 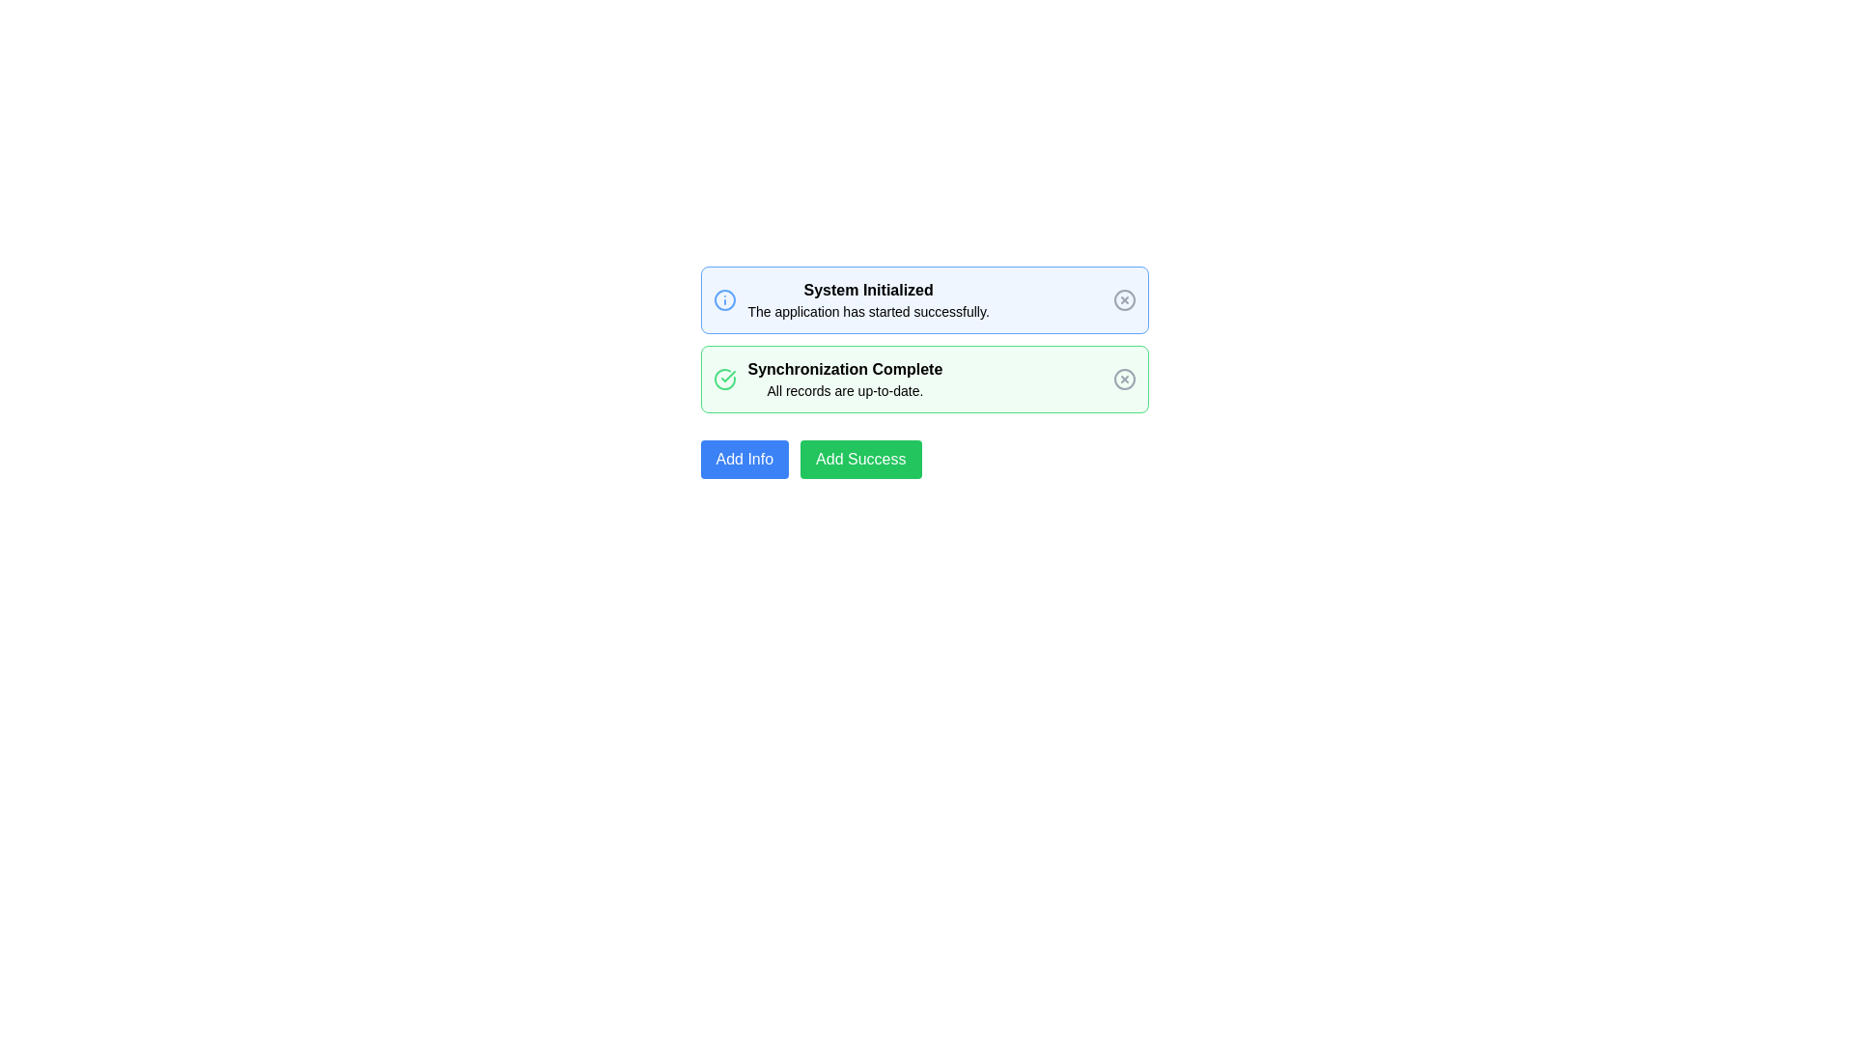 What do you see at coordinates (923, 372) in the screenshot?
I see `messages from the Notification panel which includes 'System Initialized' and 'Synchronization Complete'` at bounding box center [923, 372].